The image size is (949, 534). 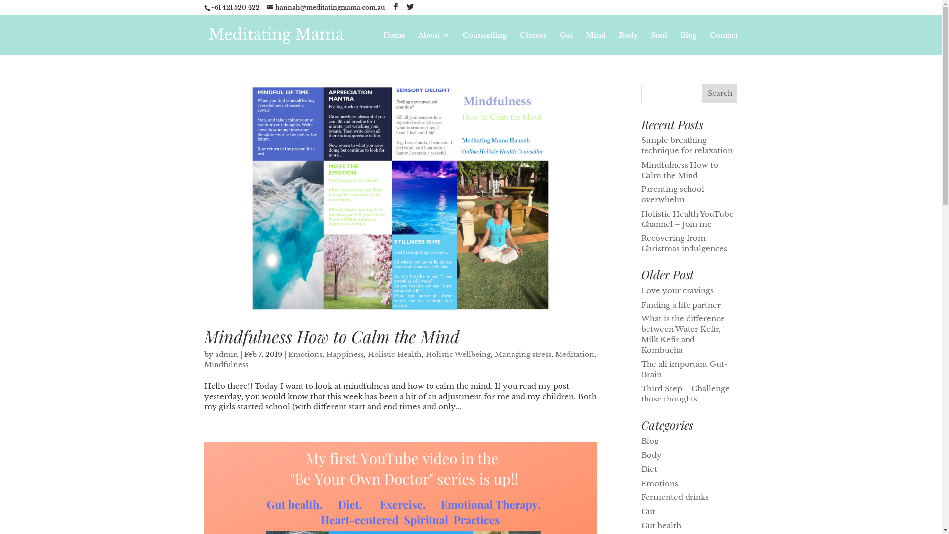 What do you see at coordinates (641, 483) in the screenshot?
I see `'Emotions'` at bounding box center [641, 483].